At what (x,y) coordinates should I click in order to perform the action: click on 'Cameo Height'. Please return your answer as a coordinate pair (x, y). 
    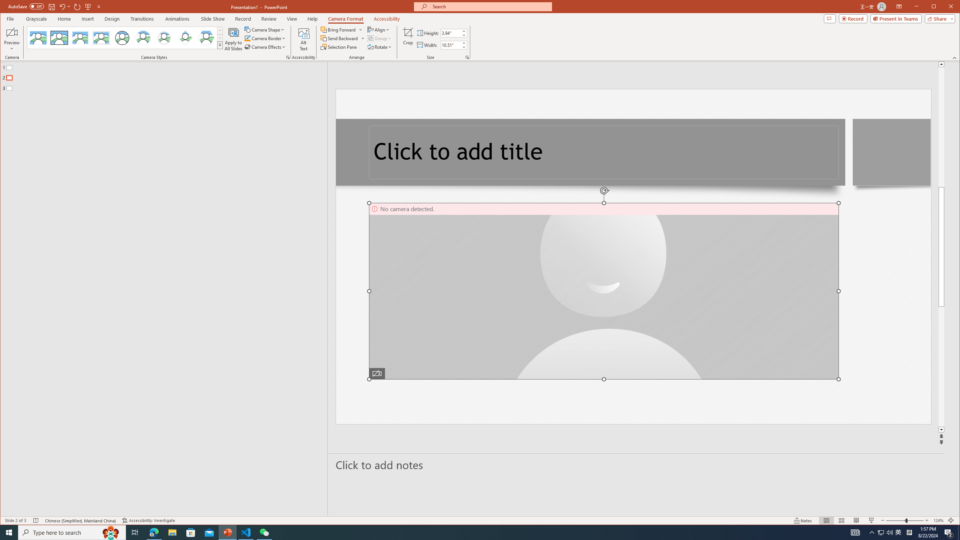
    Looking at the image, I should click on (450, 33).